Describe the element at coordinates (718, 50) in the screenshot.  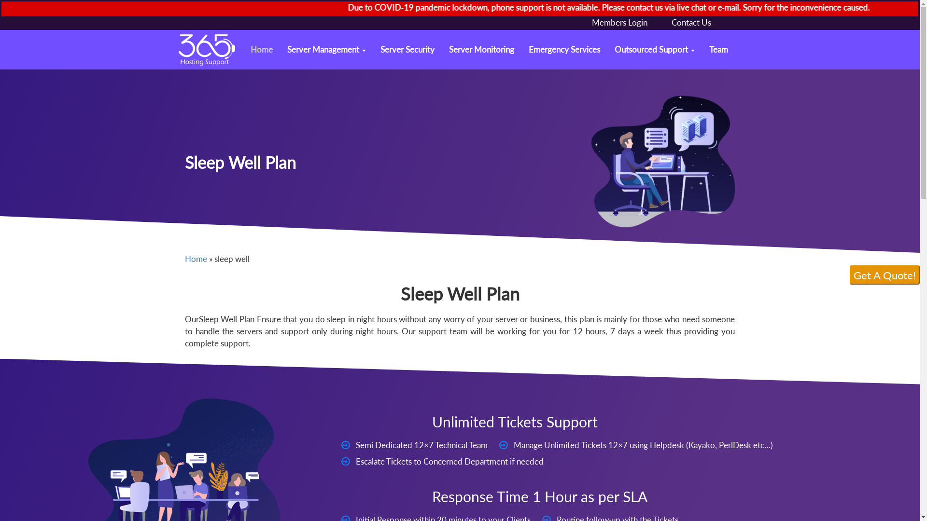
I see `'Team'` at that location.